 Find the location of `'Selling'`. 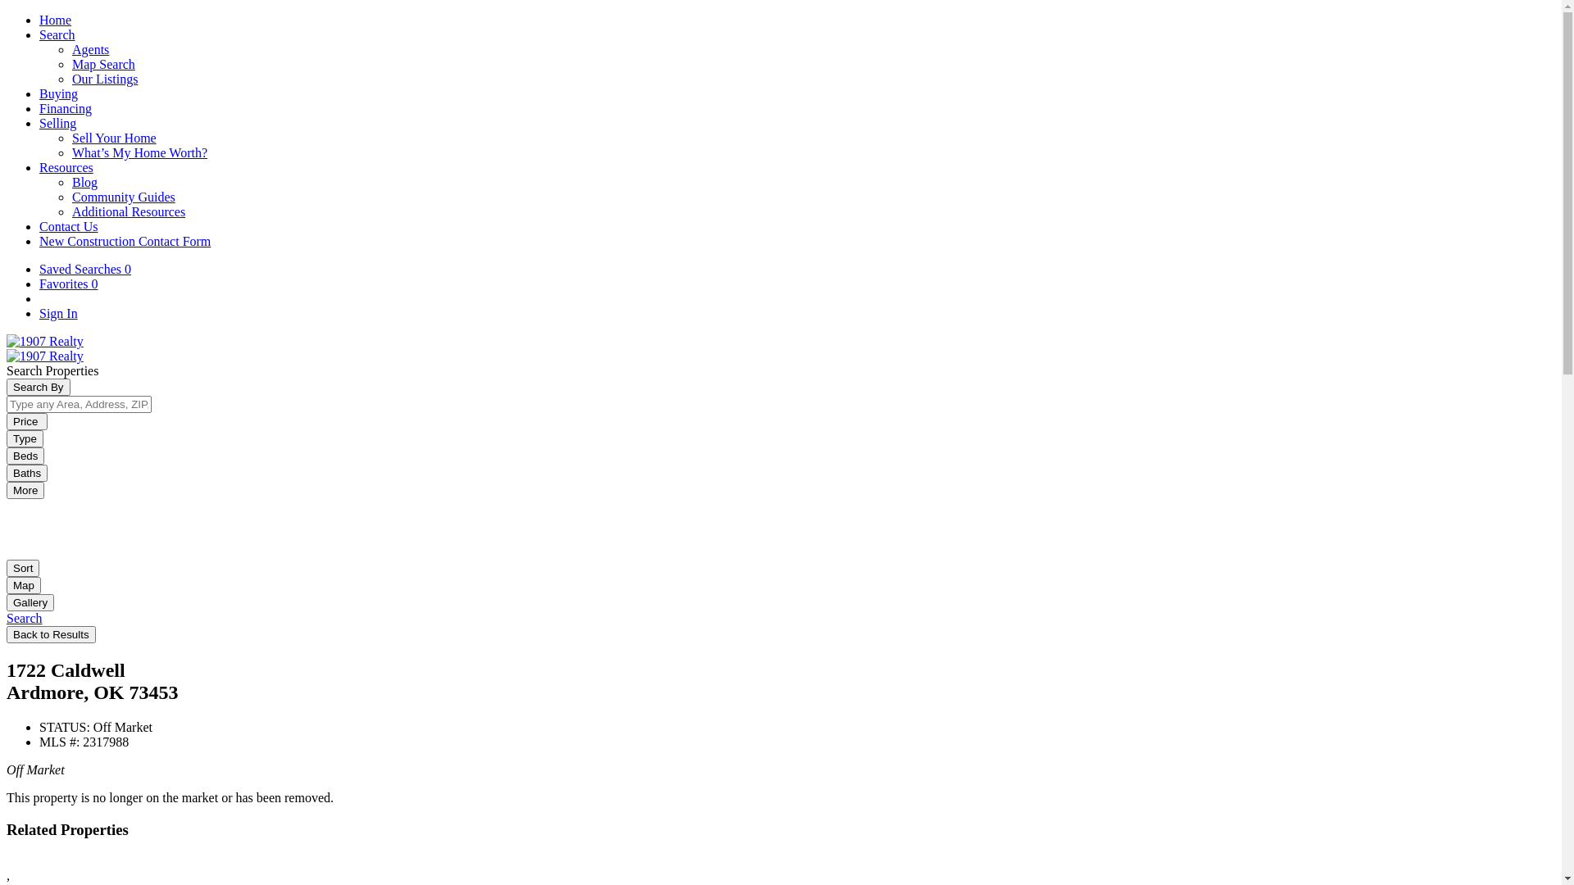

'Selling' is located at coordinates (39, 122).